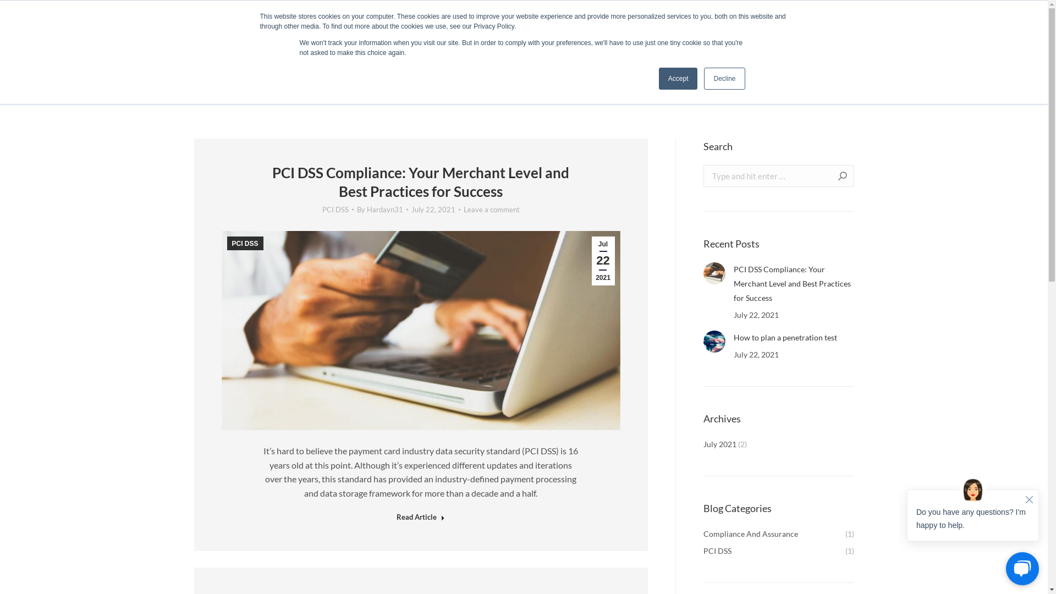 The image size is (1056, 594). What do you see at coordinates (826, 175) in the screenshot?
I see `'Go!'` at bounding box center [826, 175].